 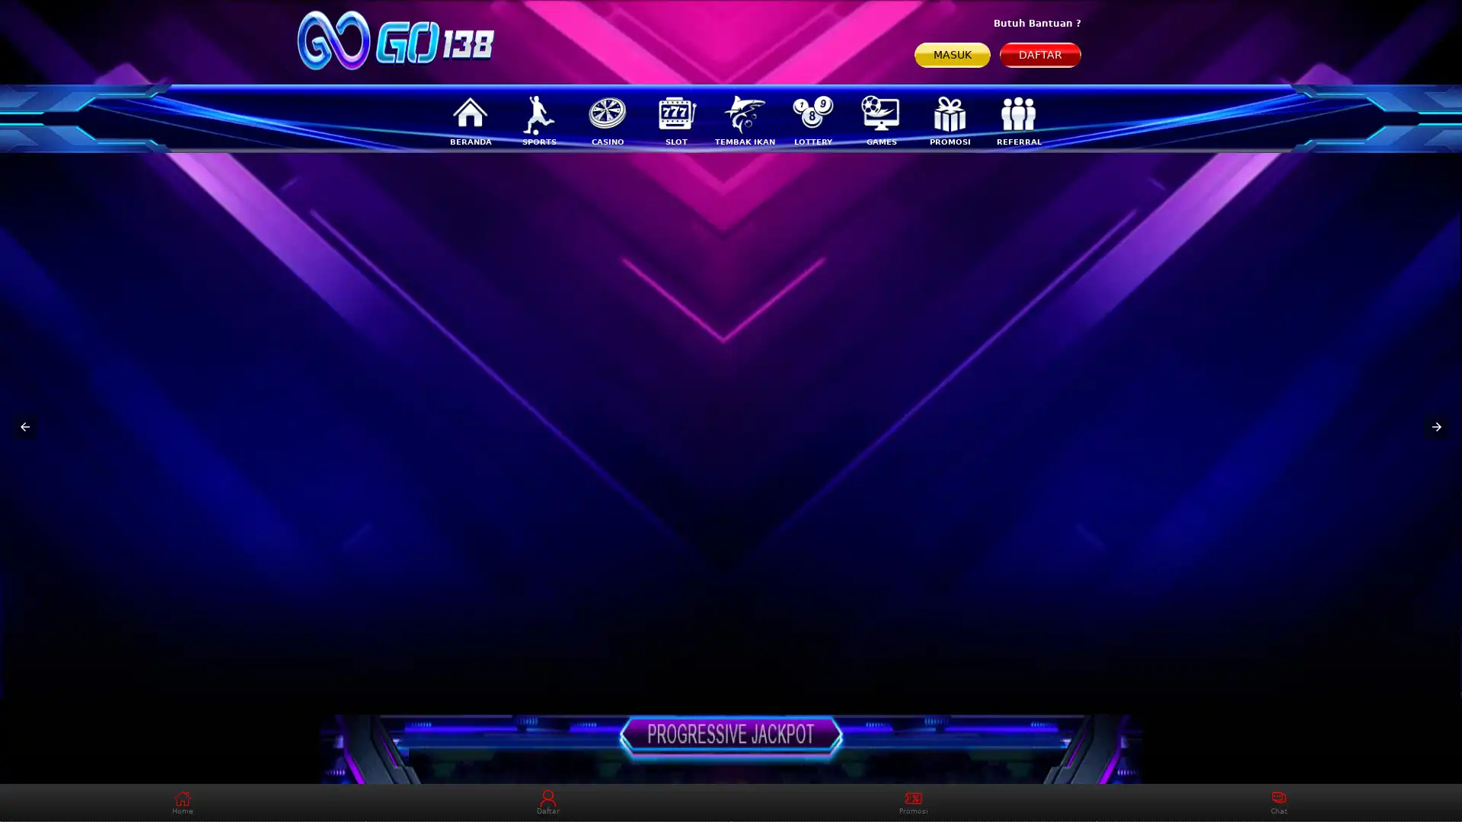 I want to click on Next item in carousel (2 of 4), so click(x=1435, y=426).